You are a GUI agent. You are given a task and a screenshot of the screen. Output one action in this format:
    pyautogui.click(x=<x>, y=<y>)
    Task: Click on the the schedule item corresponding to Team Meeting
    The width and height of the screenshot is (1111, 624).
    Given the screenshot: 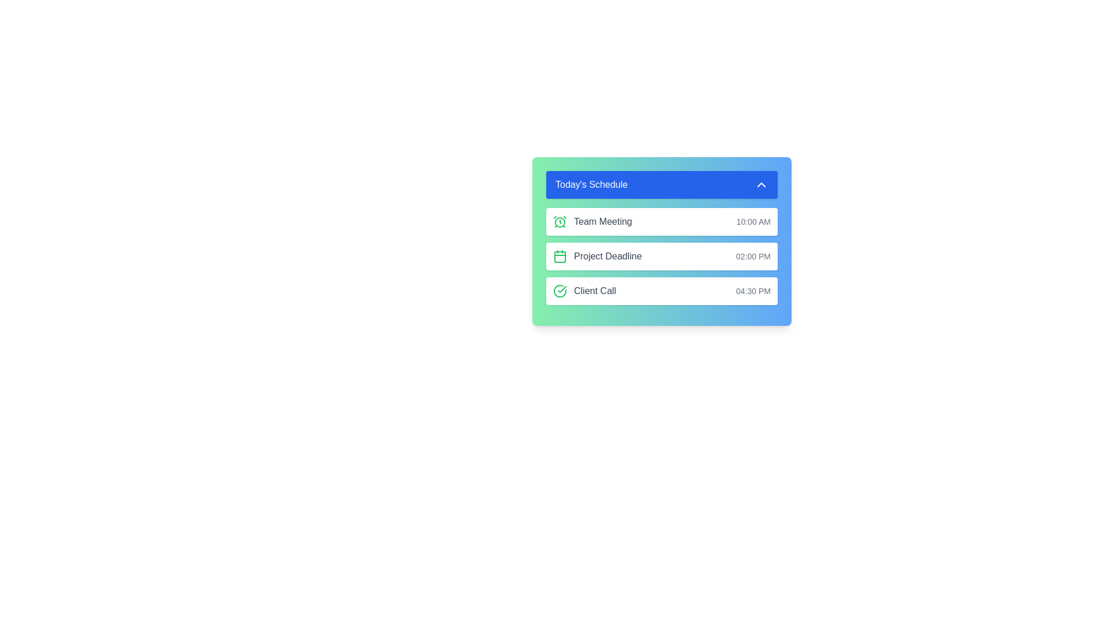 What is the action you would take?
    pyautogui.click(x=661, y=222)
    